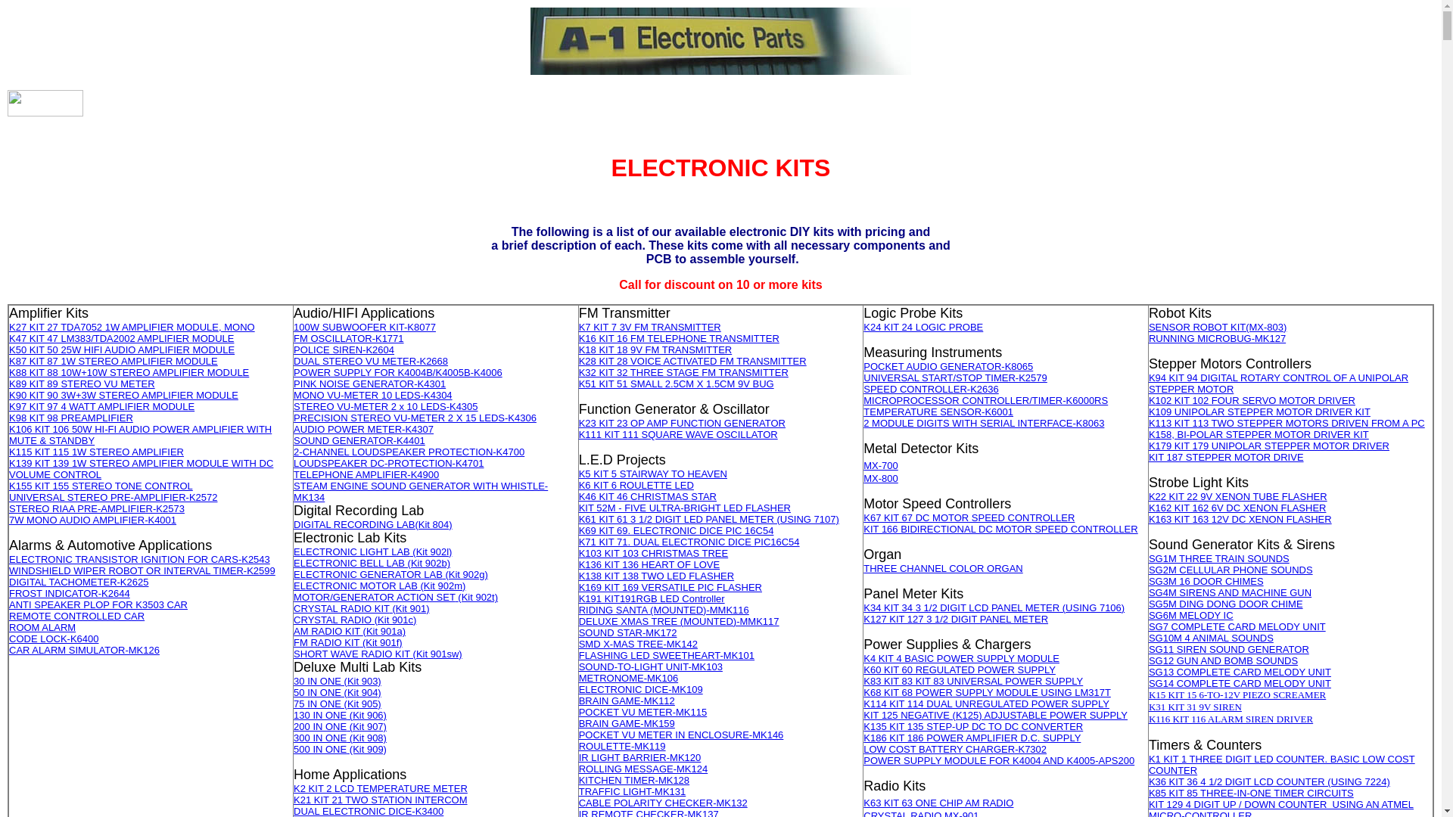 The image size is (1453, 817). What do you see at coordinates (363, 428) in the screenshot?
I see `'AUDIO POWER METER-K4307'` at bounding box center [363, 428].